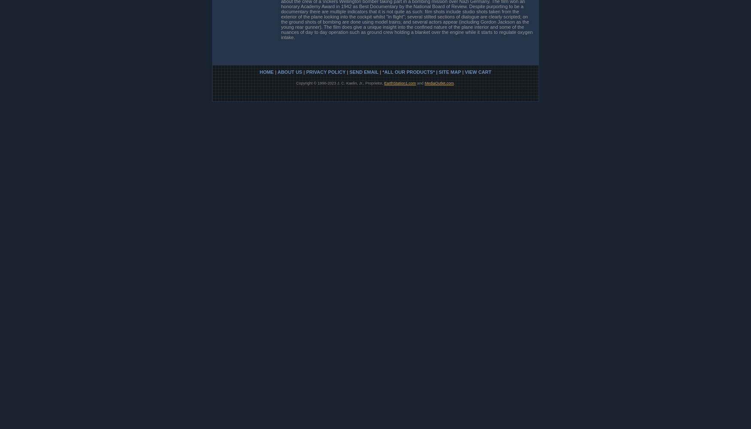  Describe the element at coordinates (266, 72) in the screenshot. I see `'home'` at that location.